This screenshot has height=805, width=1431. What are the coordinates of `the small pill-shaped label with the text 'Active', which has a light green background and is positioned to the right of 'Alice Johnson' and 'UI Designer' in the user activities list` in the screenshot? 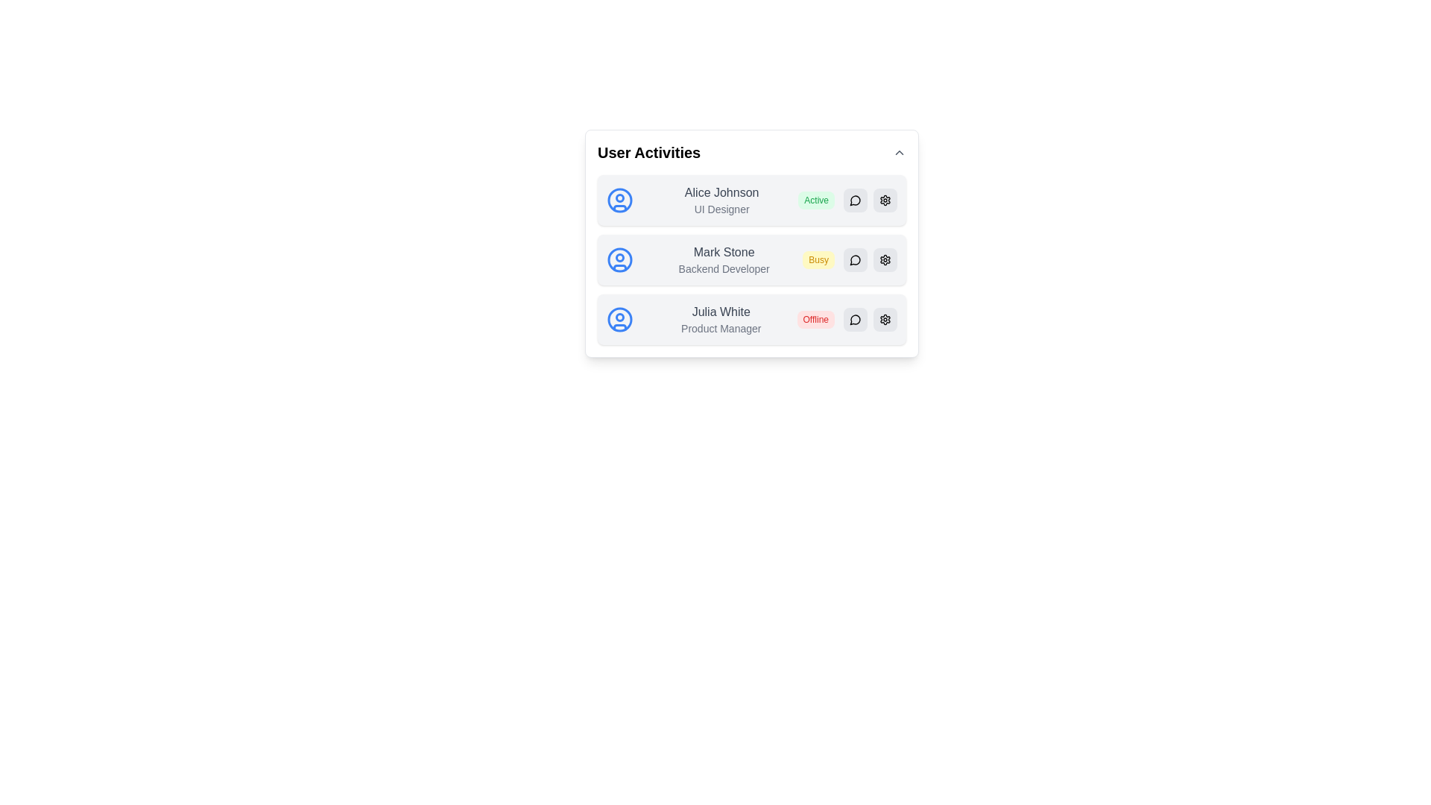 It's located at (815, 200).